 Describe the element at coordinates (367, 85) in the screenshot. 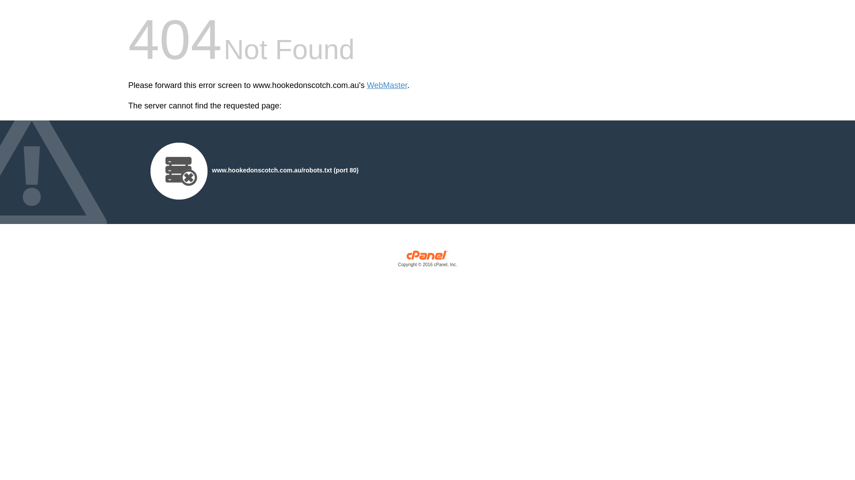

I see `'WebMaster'` at that location.